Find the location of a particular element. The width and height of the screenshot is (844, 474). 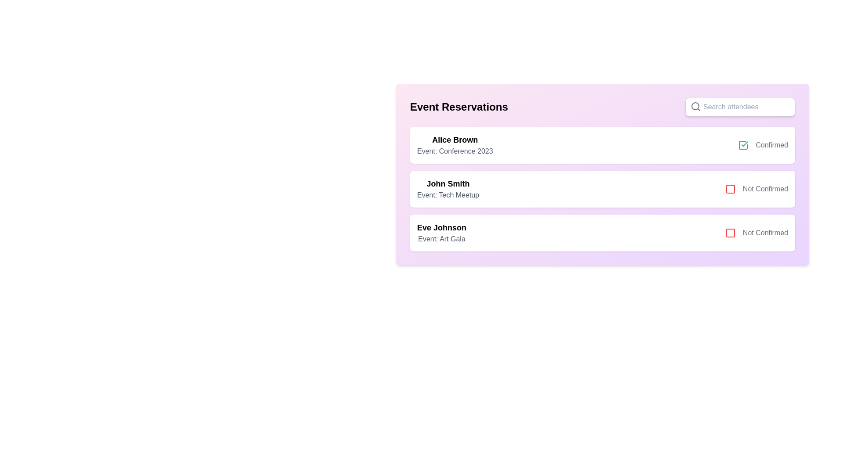

the Text Display that shows 'Eve Johnson' in bold and 'Event: Art Gala' underneath it, which is the third item in a vertical list of event reservation entries is located at coordinates (441, 233).